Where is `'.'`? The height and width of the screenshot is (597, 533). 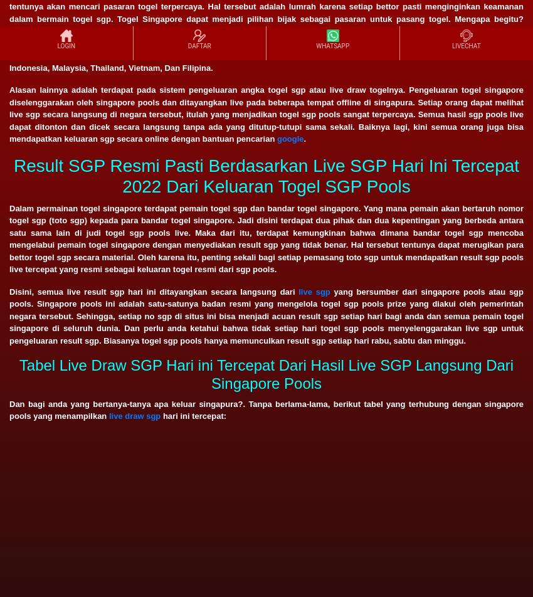 '.' is located at coordinates (303, 139).